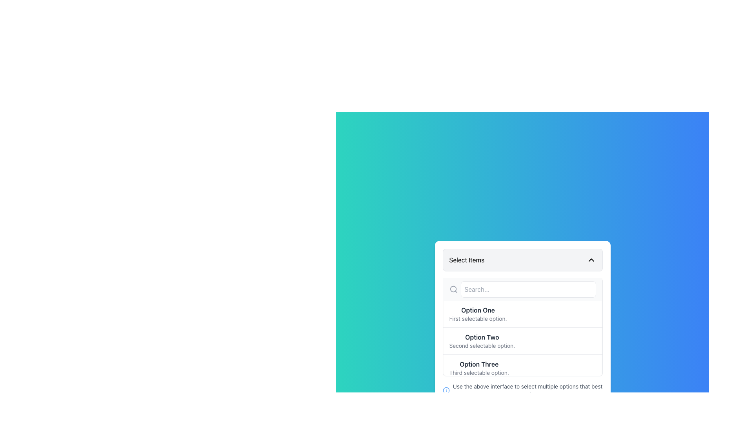 The image size is (753, 423). Describe the element at coordinates (478, 368) in the screenshot. I see `the third option in the dropdown menu, which provides information about the third choice and is located beneath 'Option One' and 'Option Two'` at that location.